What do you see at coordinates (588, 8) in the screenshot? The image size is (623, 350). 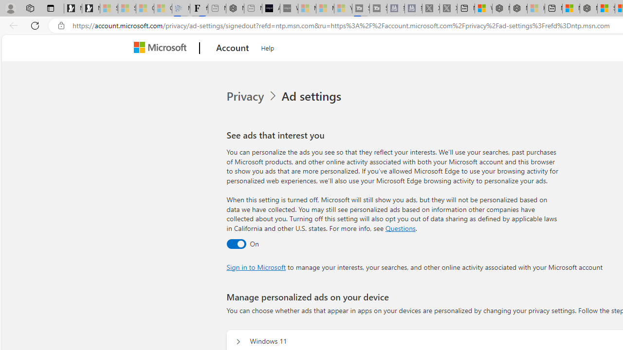 I see `'Nordace - Nordace Siena Is Not An Ordinary Backpack'` at bounding box center [588, 8].